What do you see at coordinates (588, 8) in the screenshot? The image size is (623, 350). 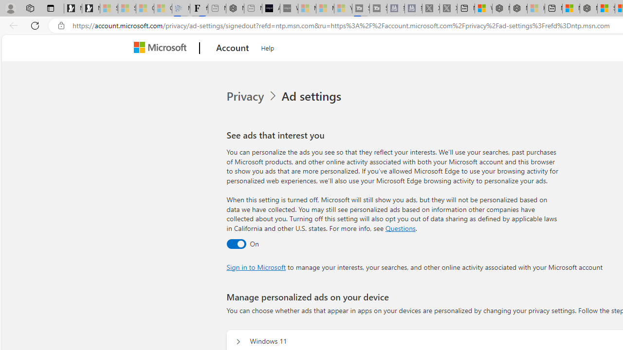 I see `'Nordace - Nordace Siena Is Not An Ordinary Backpack'` at bounding box center [588, 8].